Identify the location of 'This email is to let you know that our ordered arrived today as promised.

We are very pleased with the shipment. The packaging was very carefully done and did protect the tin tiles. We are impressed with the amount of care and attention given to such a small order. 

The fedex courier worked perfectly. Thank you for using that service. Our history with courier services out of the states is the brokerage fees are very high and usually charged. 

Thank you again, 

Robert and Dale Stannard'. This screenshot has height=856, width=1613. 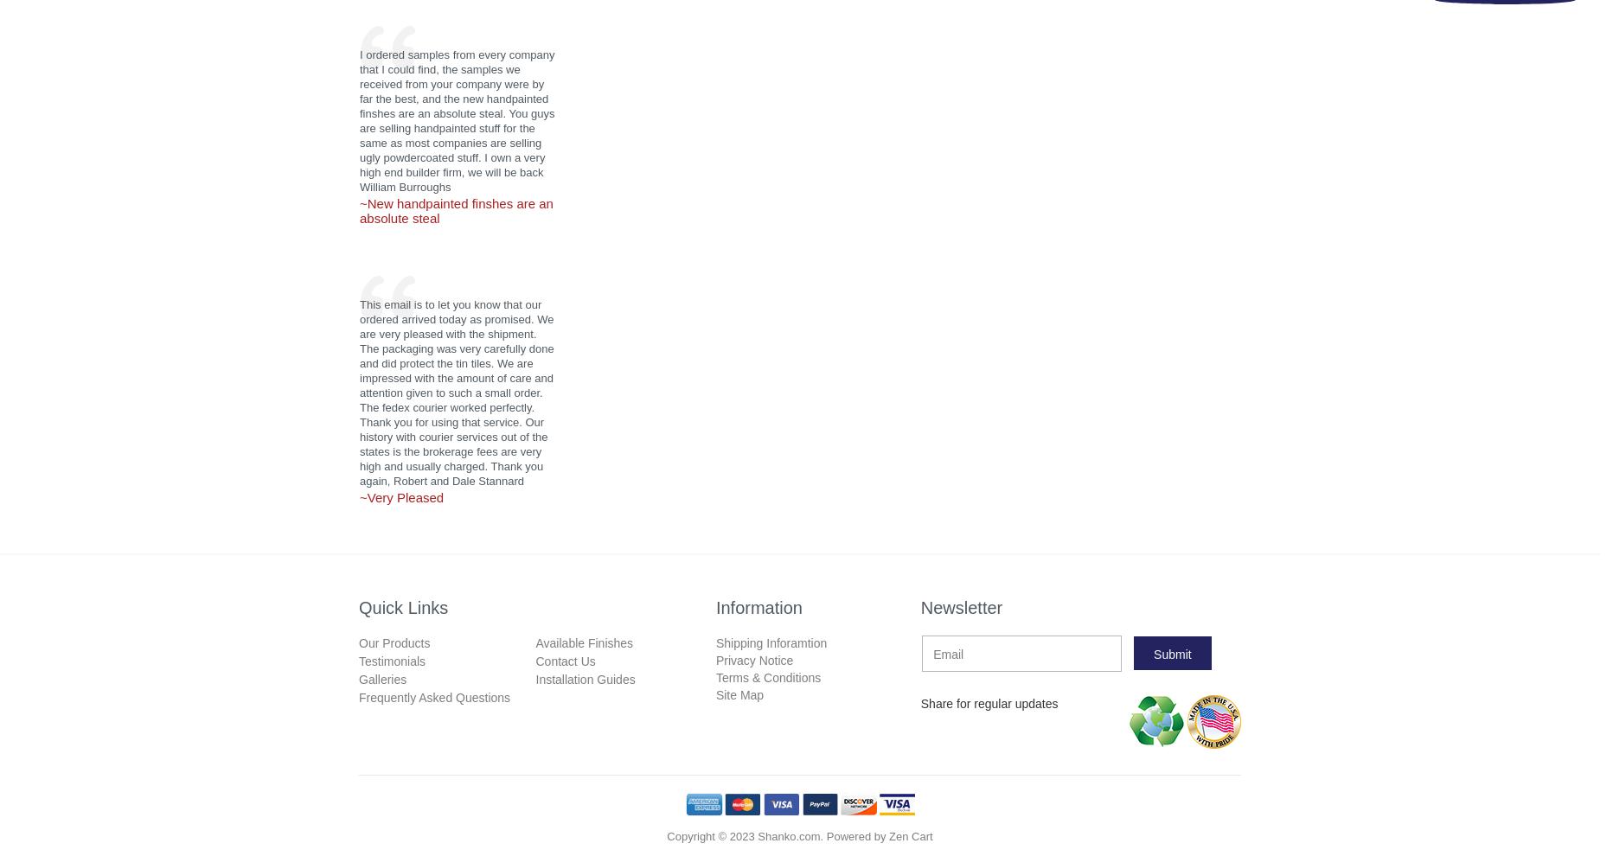
(456, 393).